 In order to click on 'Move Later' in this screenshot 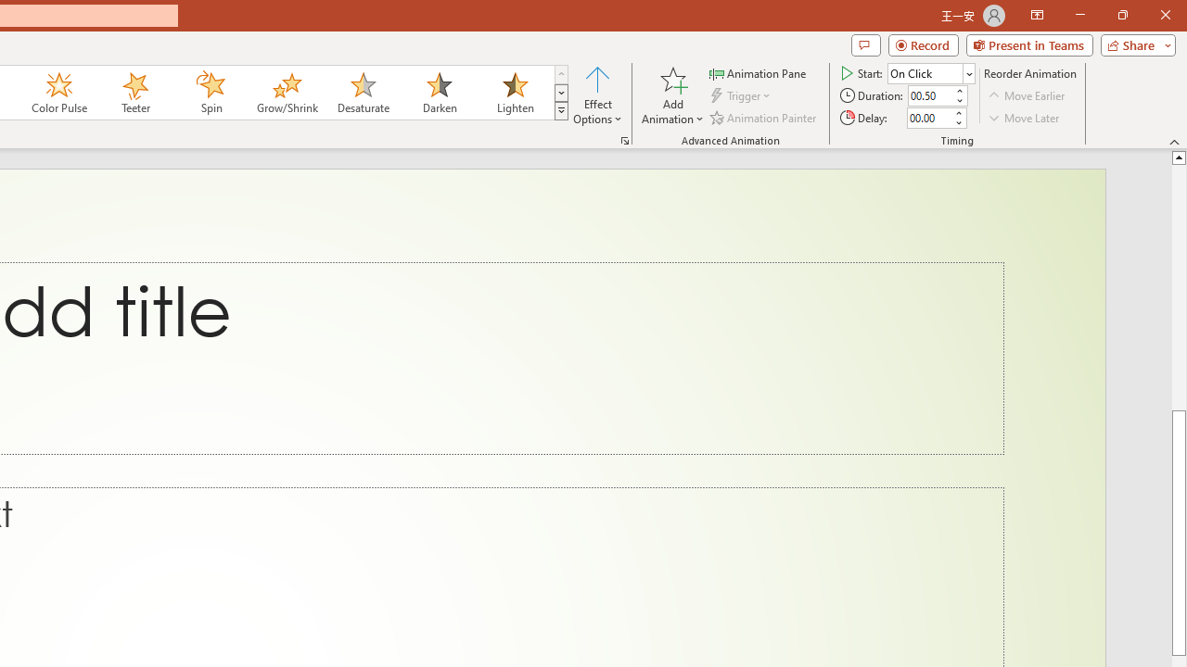, I will do `click(1024, 118)`.